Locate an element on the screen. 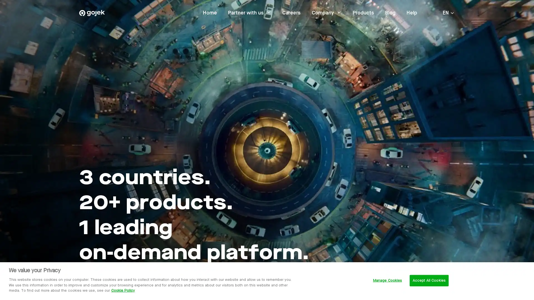  Accept All Cookies is located at coordinates (429, 281).